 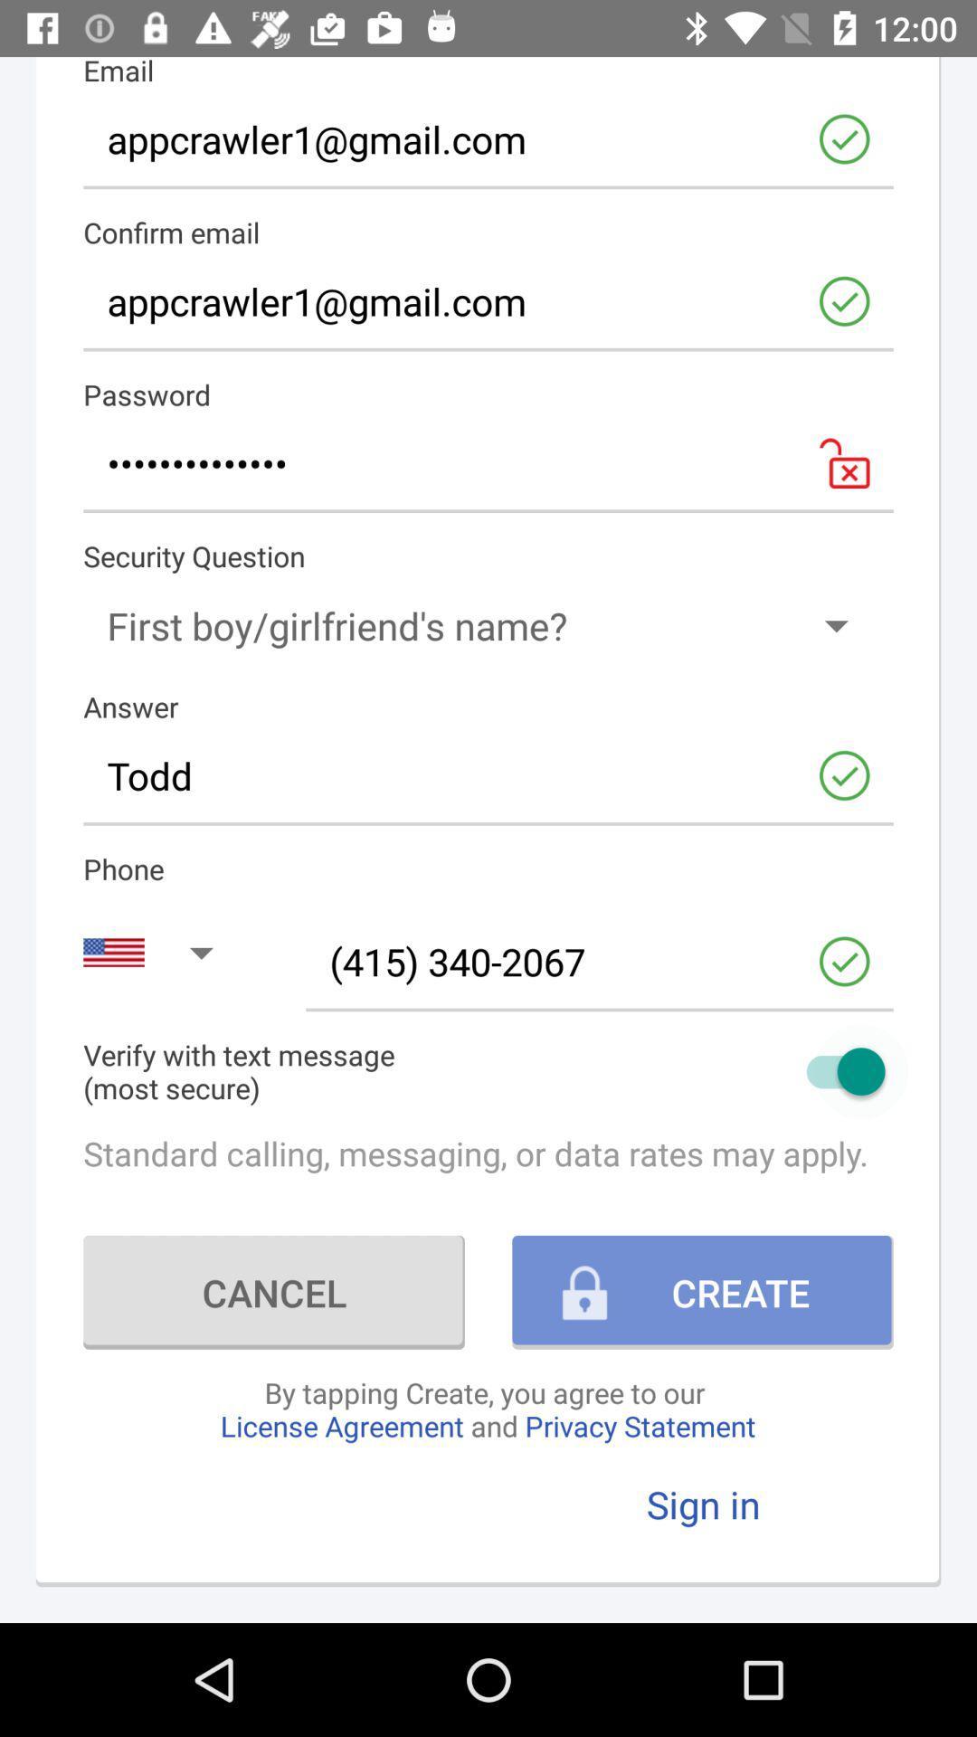 I want to click on icon below the password icon, so click(x=488, y=463).